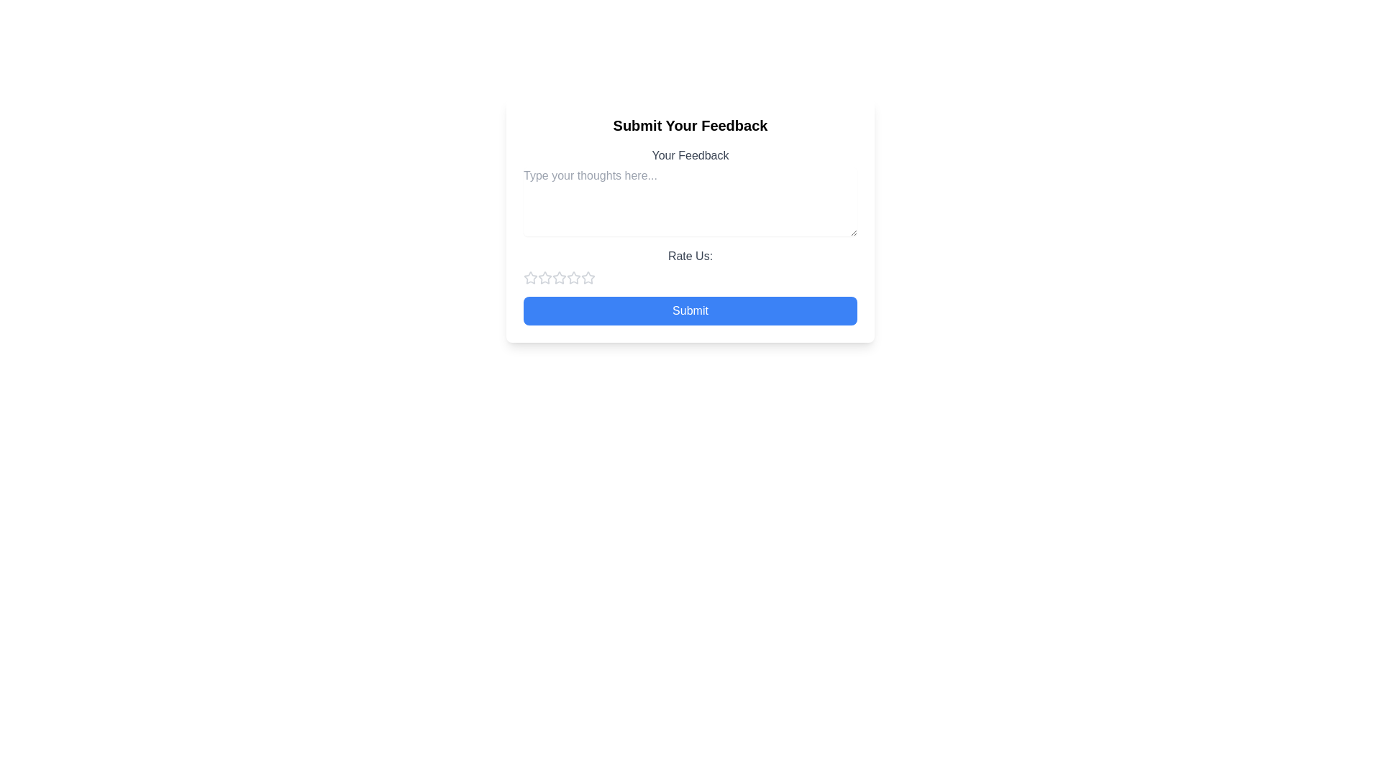  What do you see at coordinates (690, 266) in the screenshot?
I see `the 'Rate Us:' text label, which is positioned above the star rating buttons in the feedback form` at bounding box center [690, 266].